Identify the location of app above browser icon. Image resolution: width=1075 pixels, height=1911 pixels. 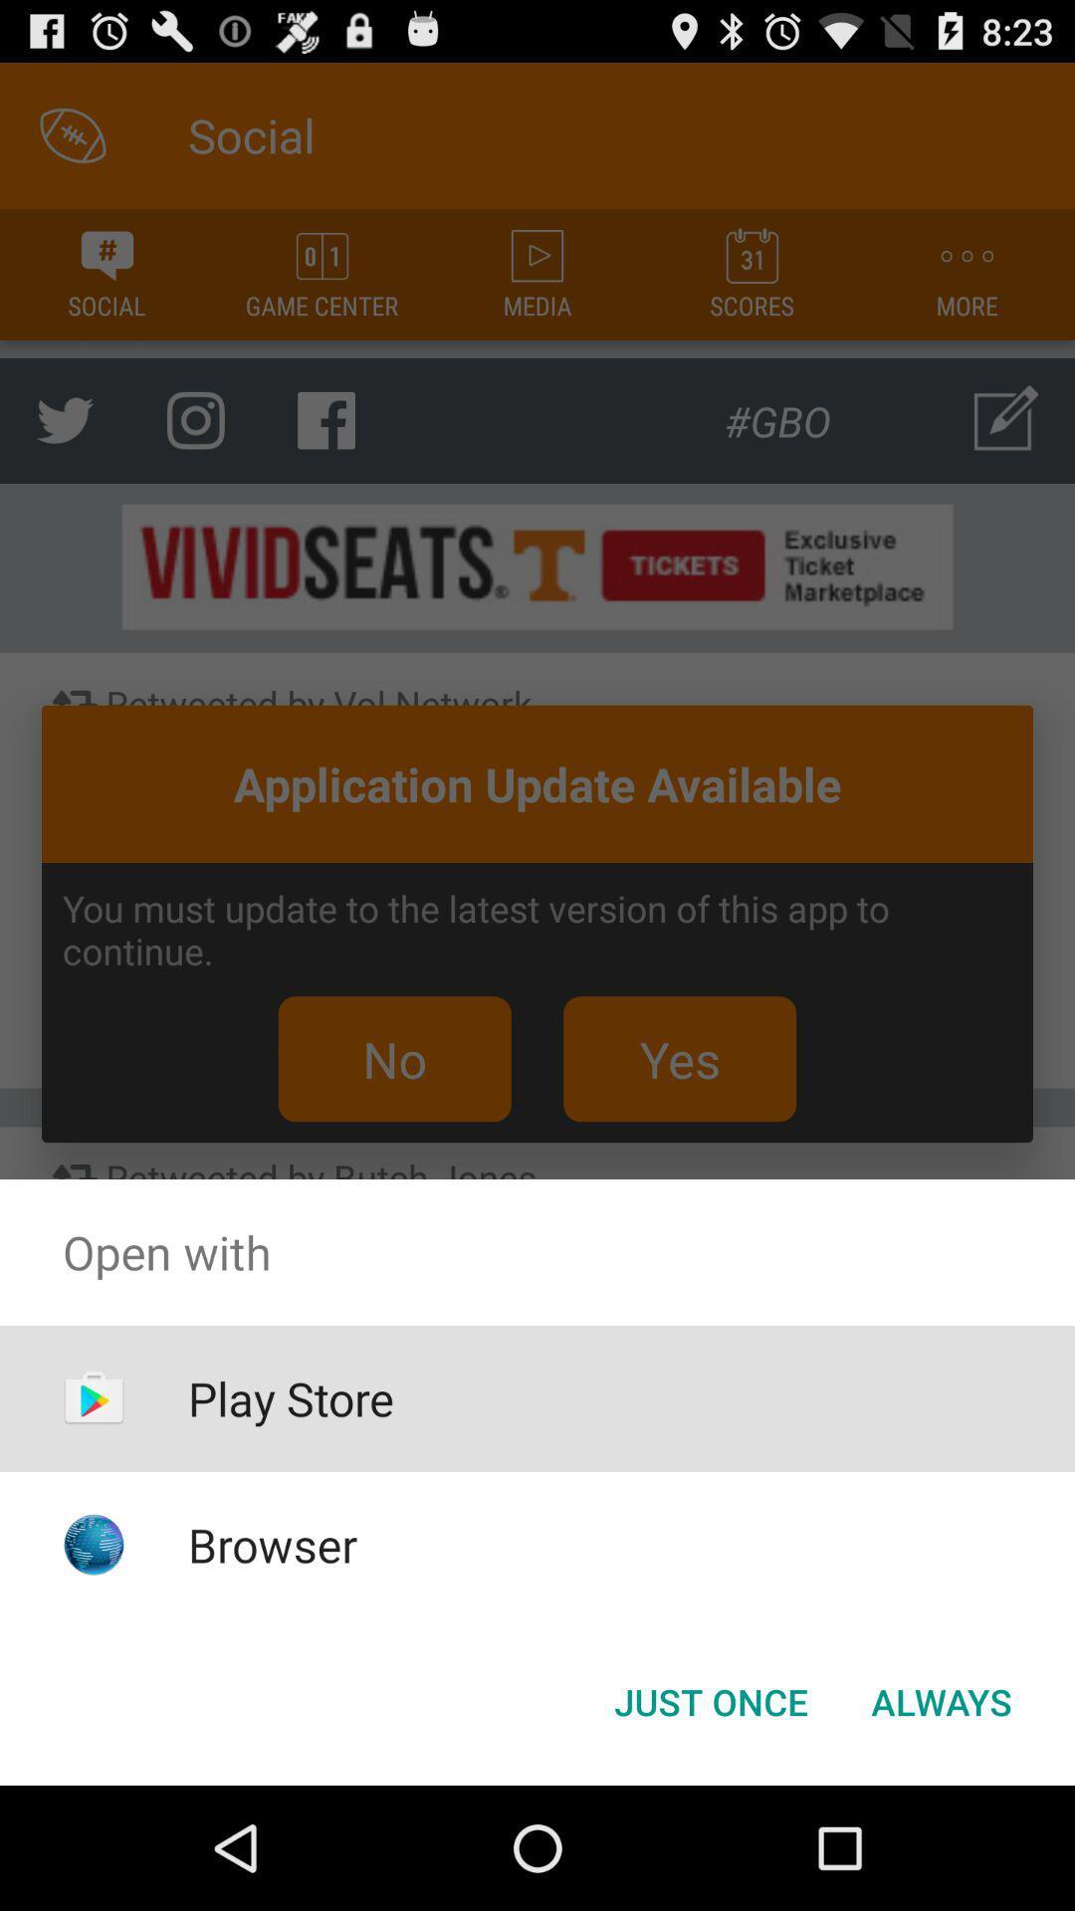
(291, 1397).